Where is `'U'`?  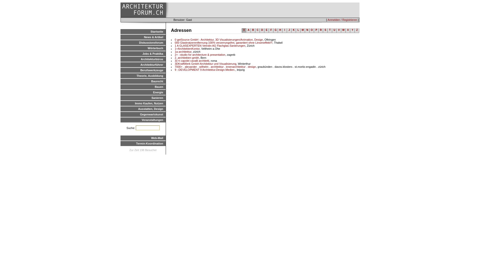
'U' is located at coordinates (334, 31).